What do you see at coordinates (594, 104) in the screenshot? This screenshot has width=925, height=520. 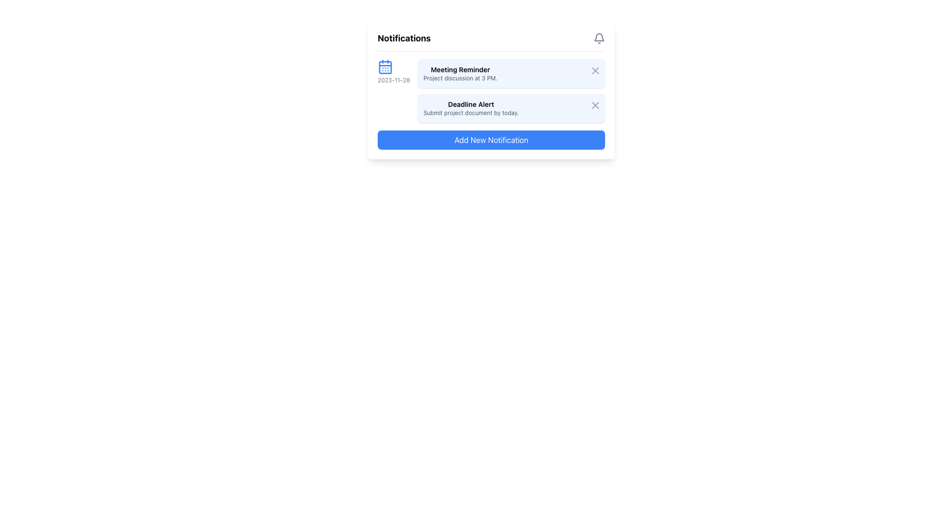 I see `the interactive button for dismissing the notification, located on the far right side of the notification box` at bounding box center [594, 104].